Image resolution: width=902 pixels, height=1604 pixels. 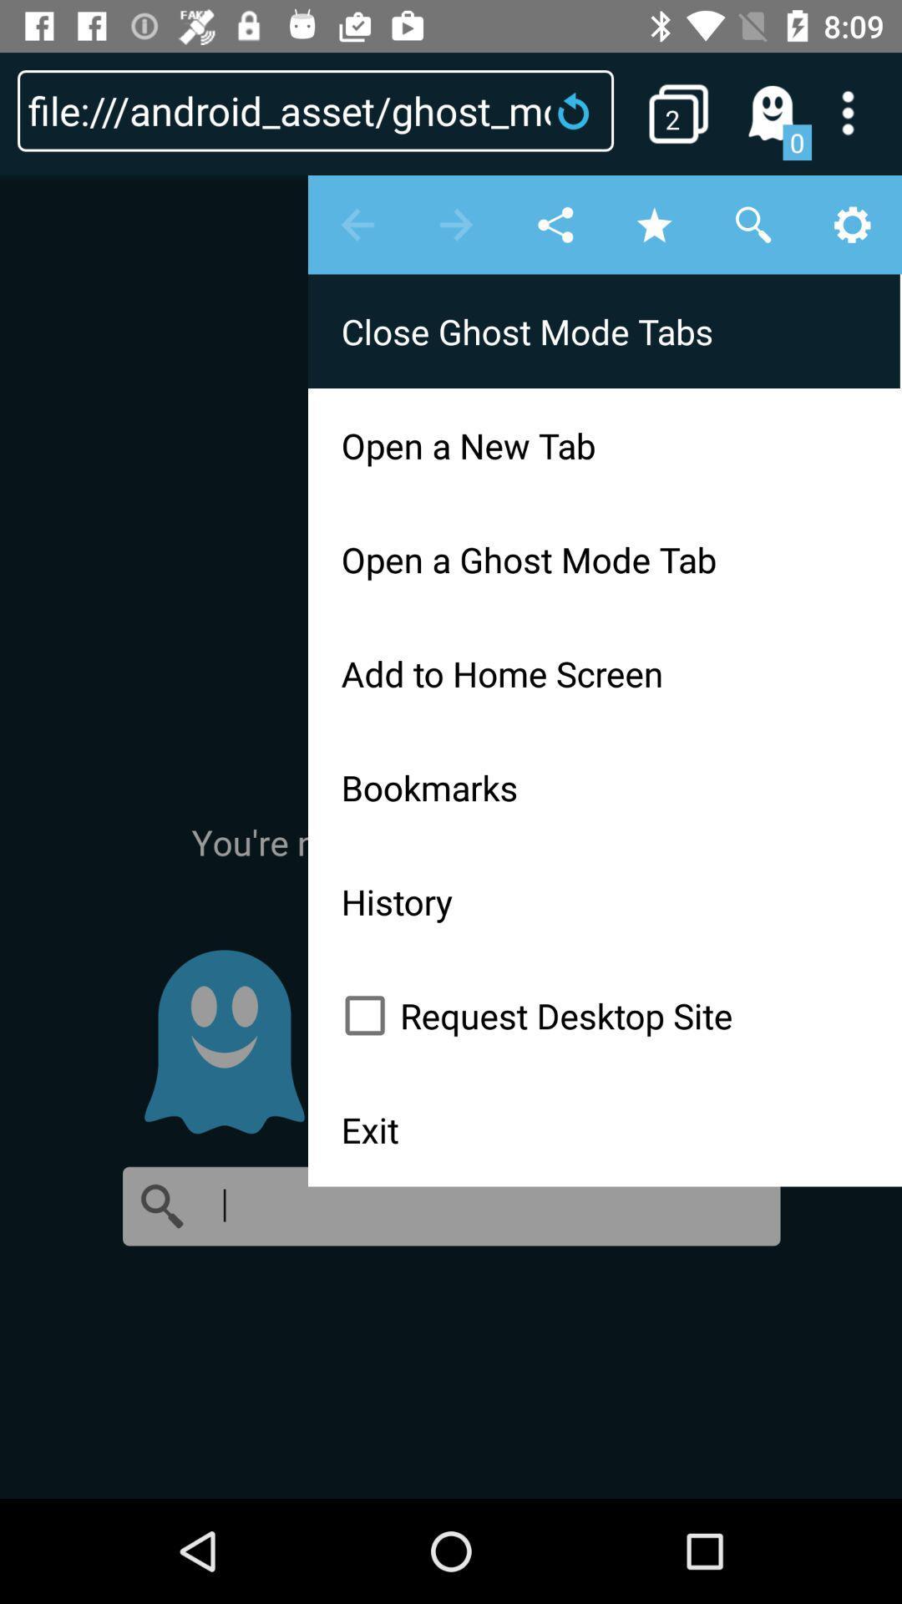 I want to click on the icon below 0, so click(x=451, y=835).